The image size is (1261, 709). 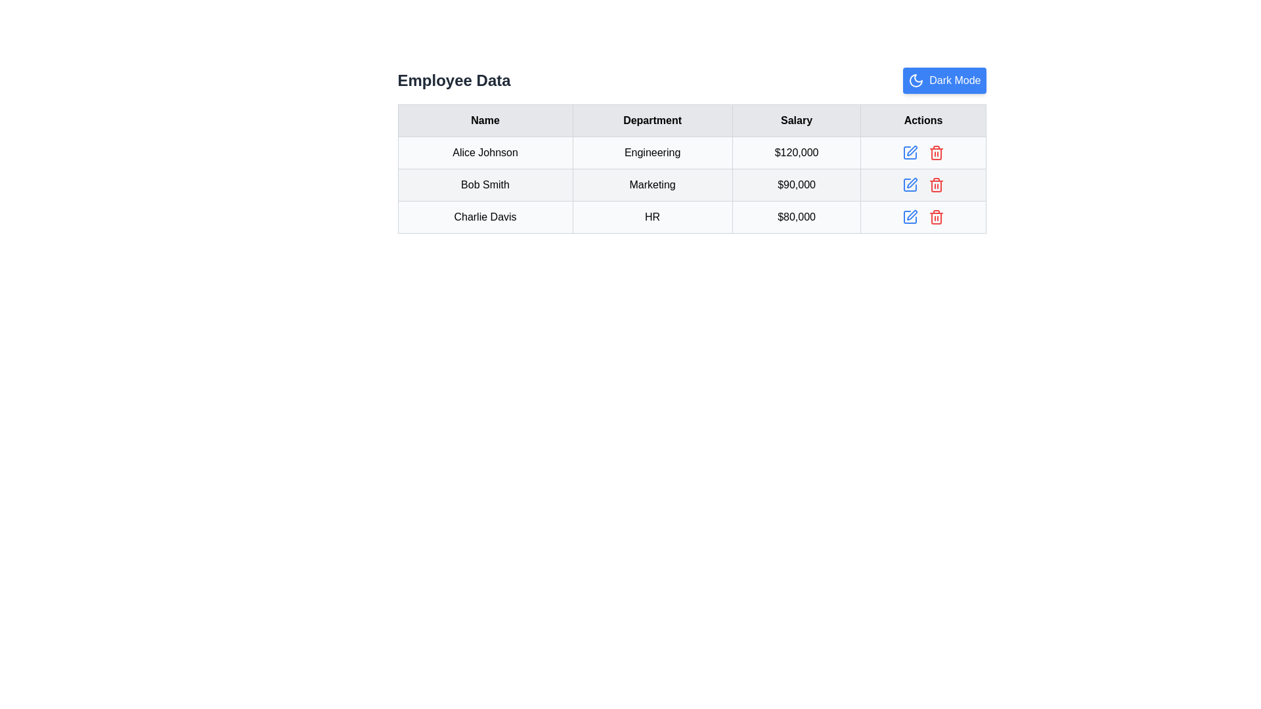 I want to click on the static text field displaying 'Alice Johnson', located in the first cell of the 'Name' column in the 'Employee Data' table, so click(x=485, y=152).